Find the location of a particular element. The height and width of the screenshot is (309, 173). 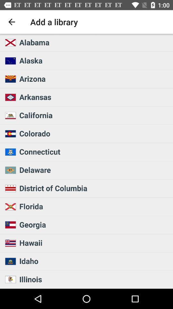

arkansas icon is located at coordinates (94, 97).